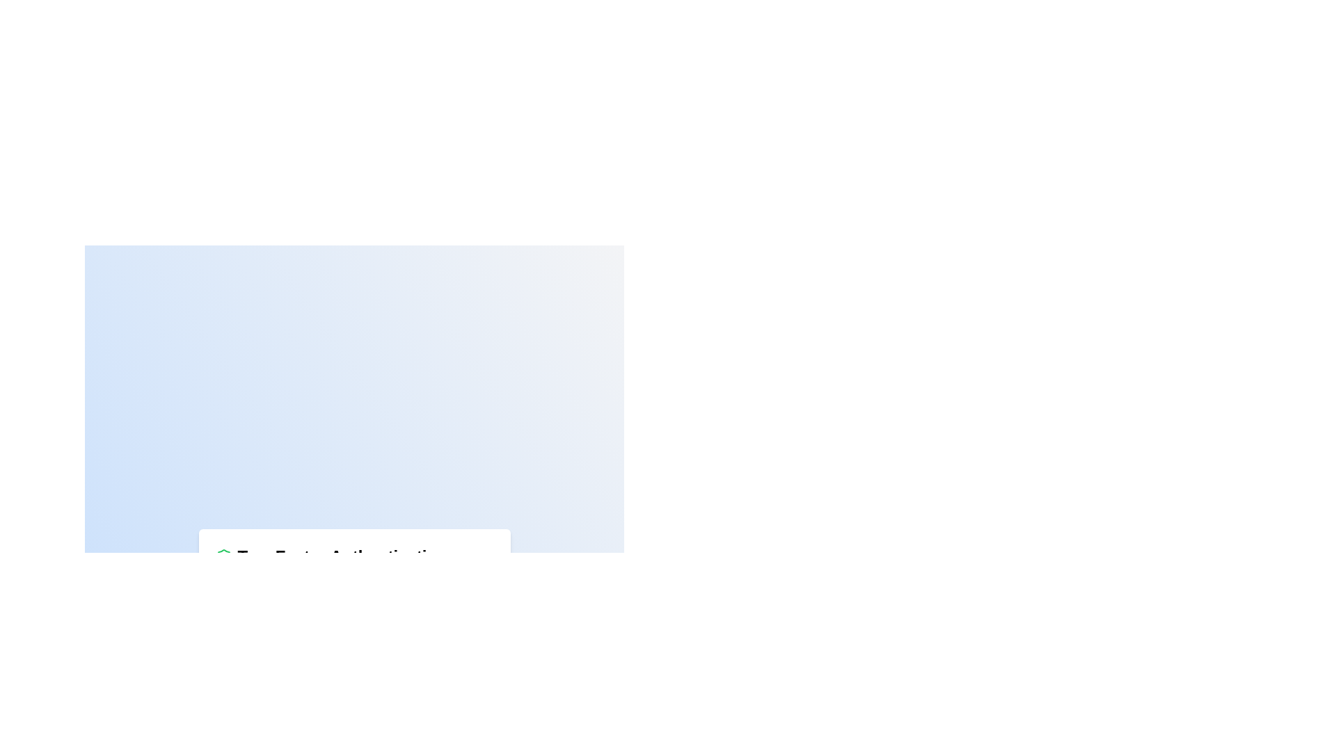 The height and width of the screenshot is (751, 1336). I want to click on the status represented by the verified icon for the Two-Factor Authentication feature, which is visually indicated by an SVG element located to the left of the text, so click(223, 556).